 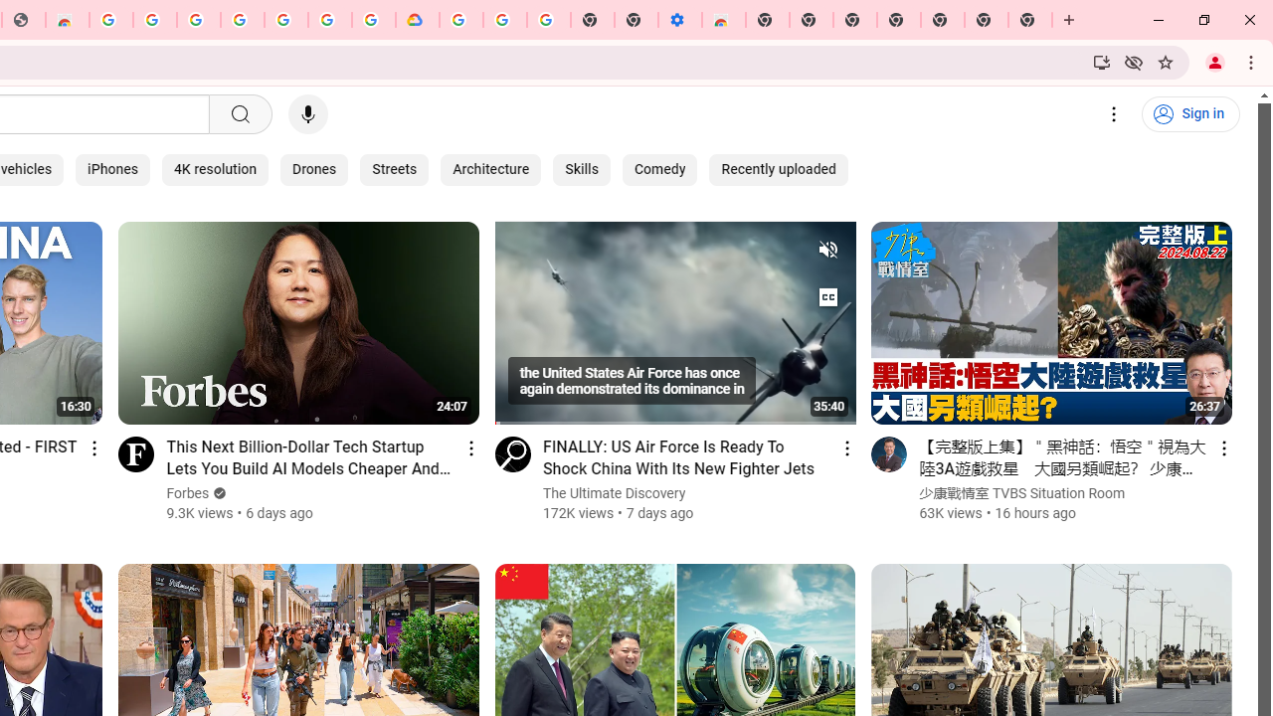 I want to click on 'Drones', so click(x=313, y=169).